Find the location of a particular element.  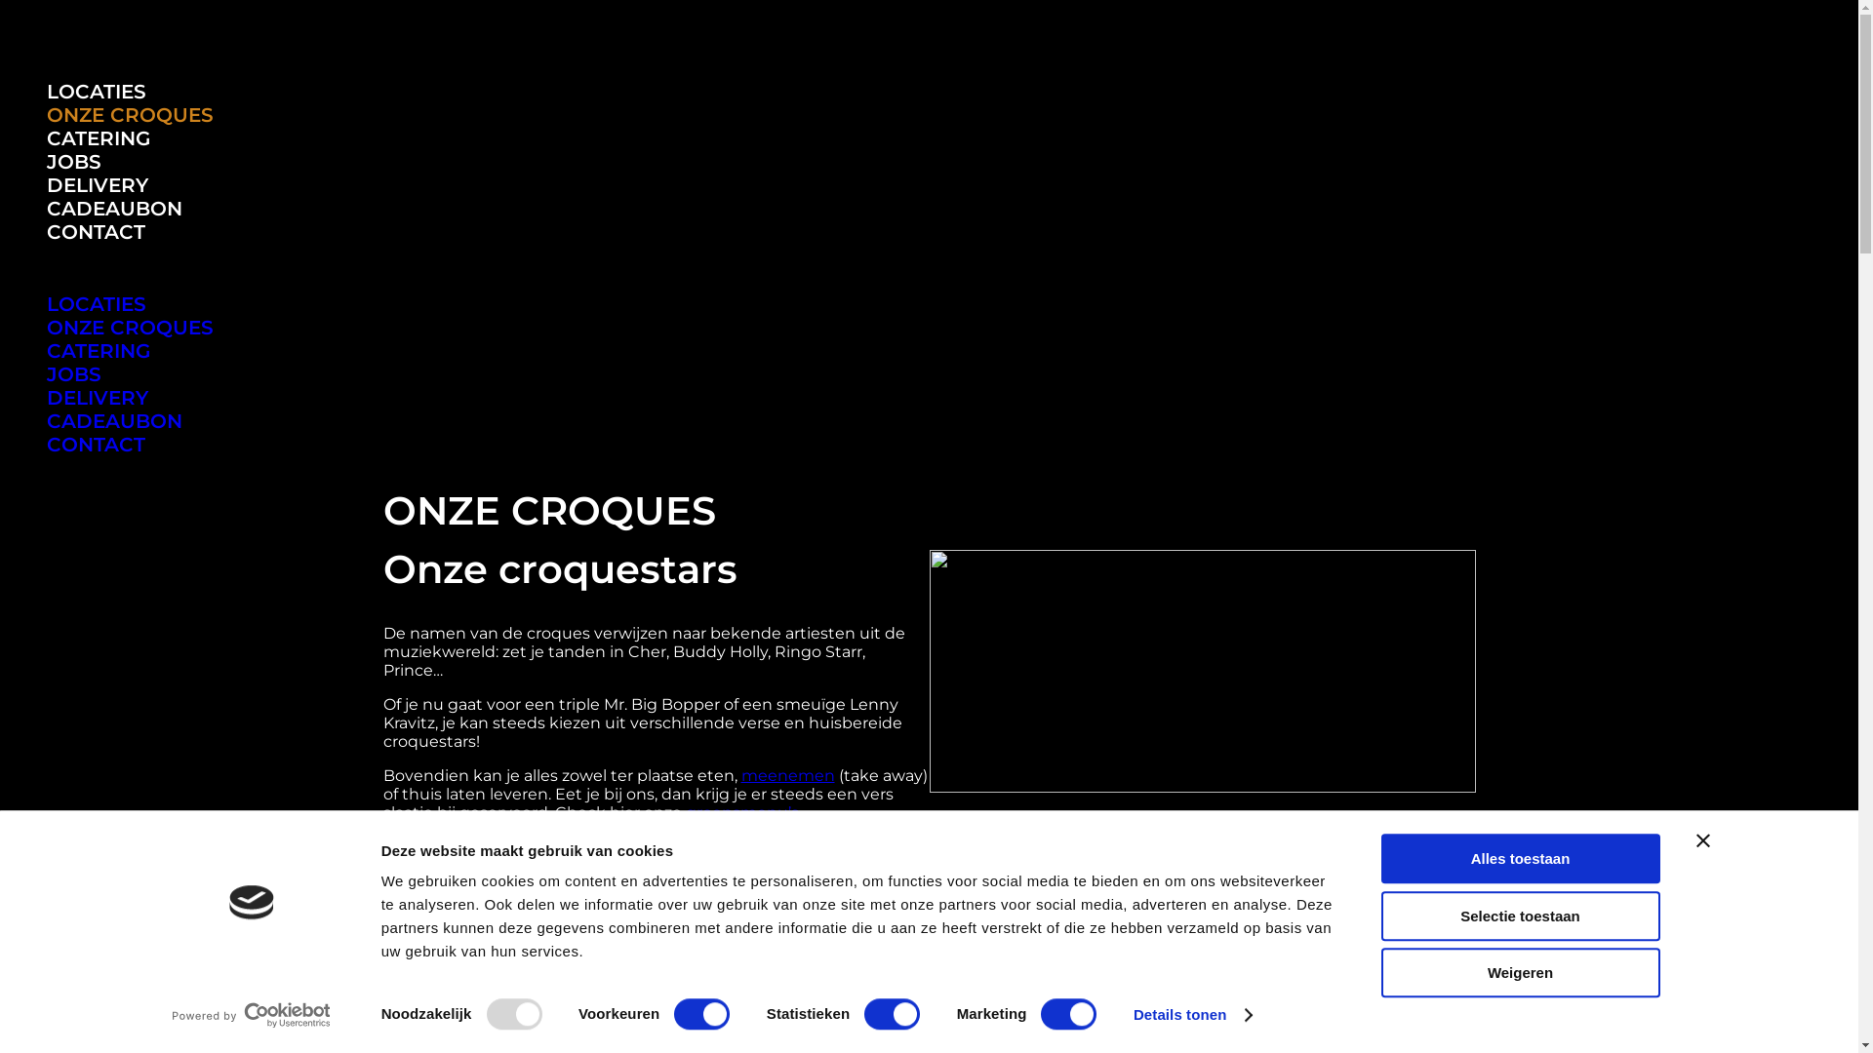

'Weigeren' is located at coordinates (1520, 972).